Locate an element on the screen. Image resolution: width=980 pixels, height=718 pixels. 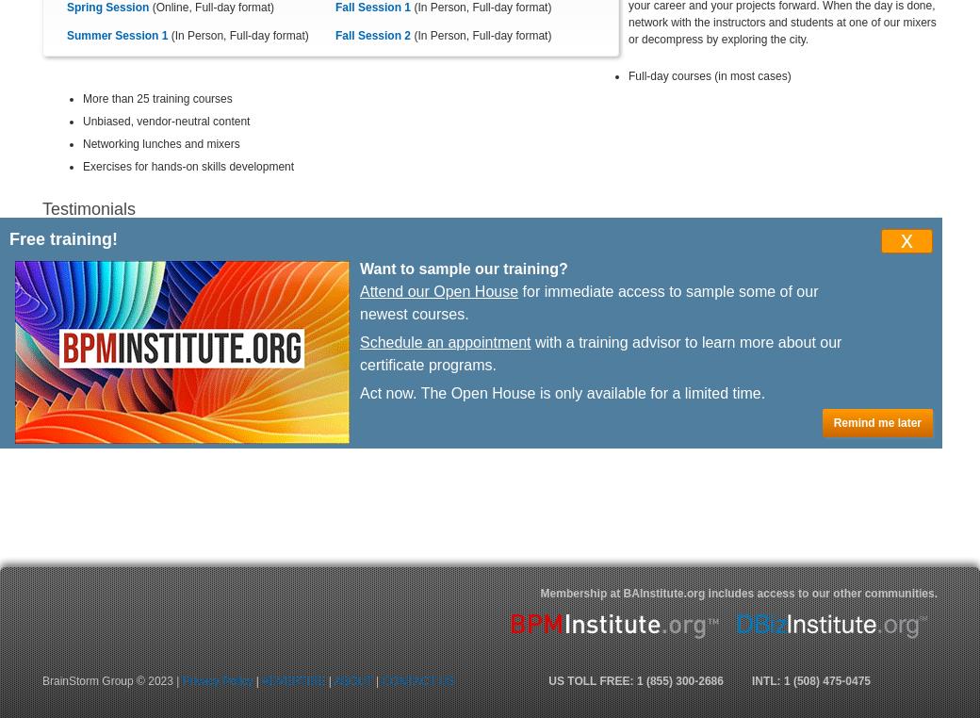
'Building a Business Architecture' is located at coordinates (131, 359).